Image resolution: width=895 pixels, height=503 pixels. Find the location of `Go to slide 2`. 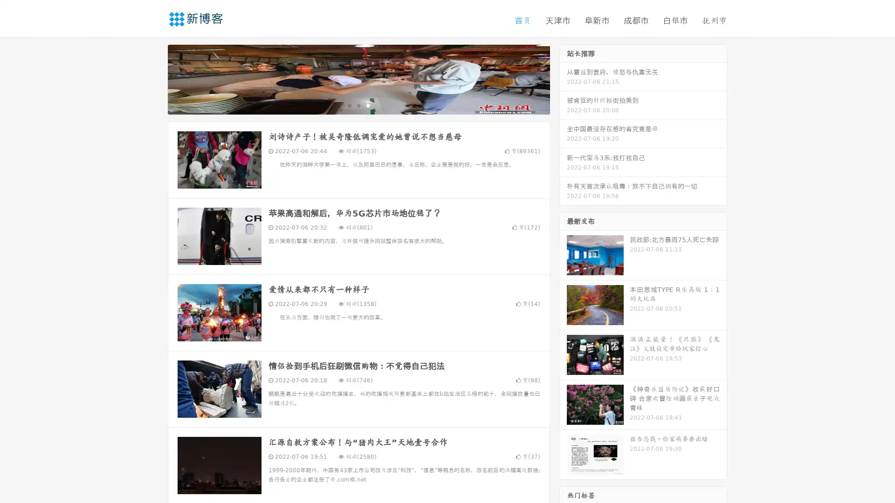

Go to slide 2 is located at coordinates (358, 105).